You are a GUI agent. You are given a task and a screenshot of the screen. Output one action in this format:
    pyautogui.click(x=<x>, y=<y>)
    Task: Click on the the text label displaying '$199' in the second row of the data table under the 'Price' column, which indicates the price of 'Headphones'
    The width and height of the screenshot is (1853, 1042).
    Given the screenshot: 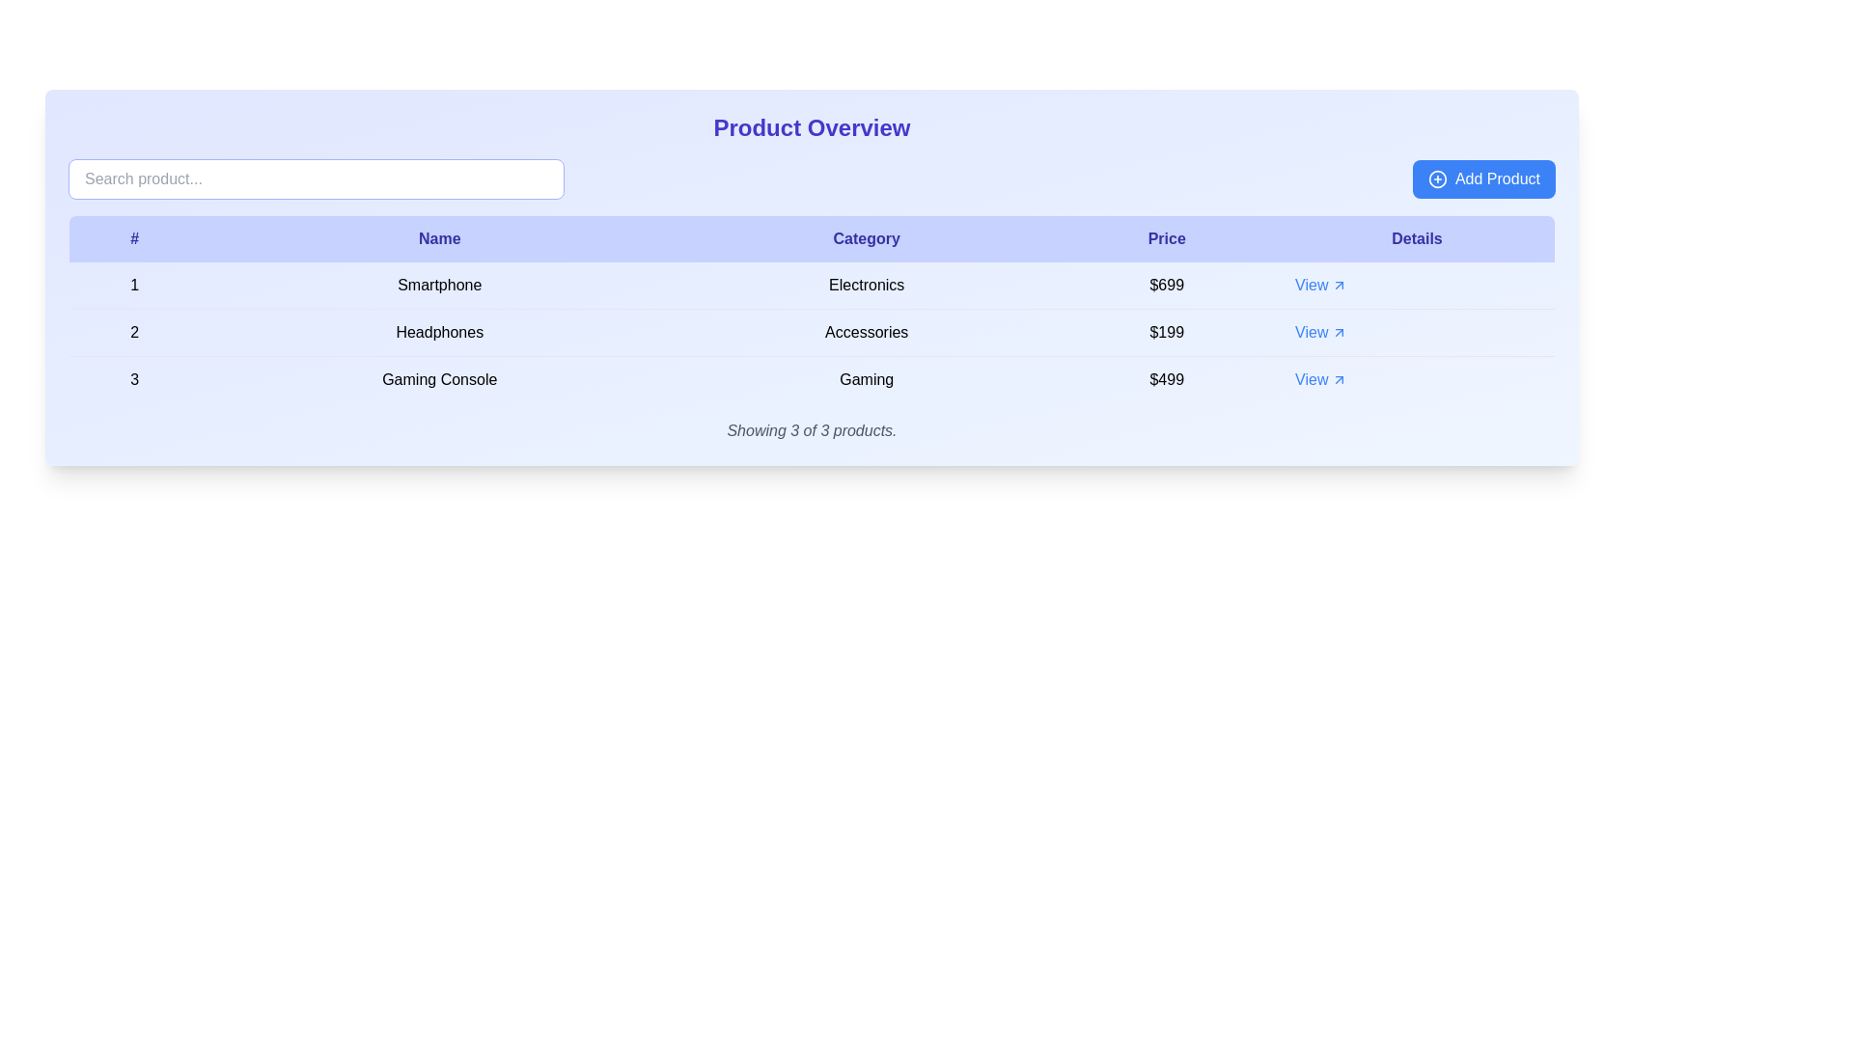 What is the action you would take?
    pyautogui.click(x=1166, y=331)
    